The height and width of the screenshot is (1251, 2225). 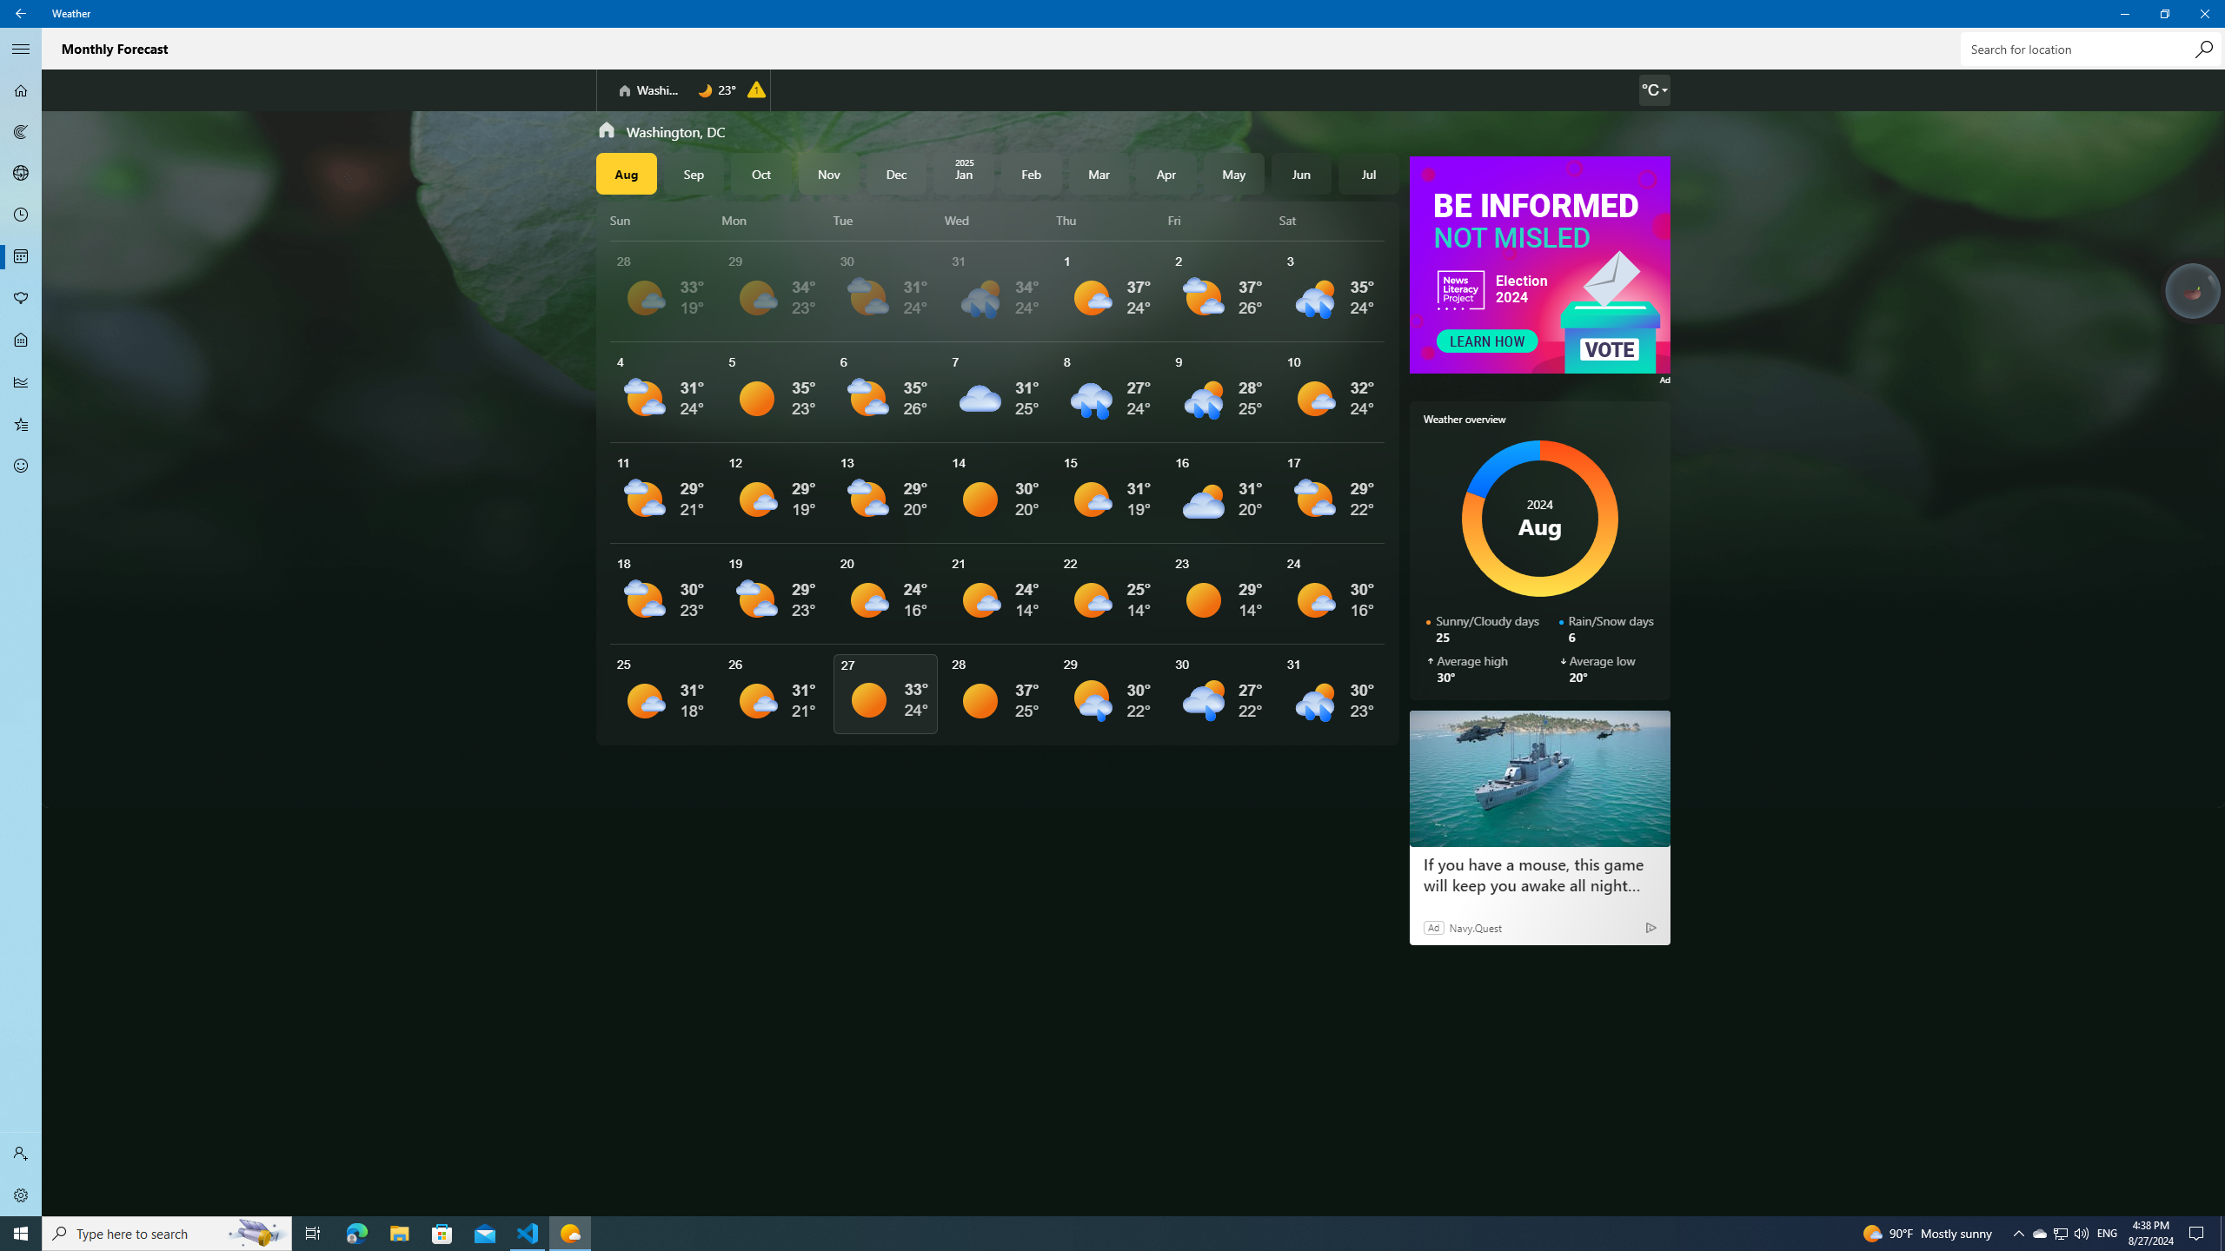 I want to click on 'Tray Input Indicator - English (United States)', so click(x=2107, y=1232).